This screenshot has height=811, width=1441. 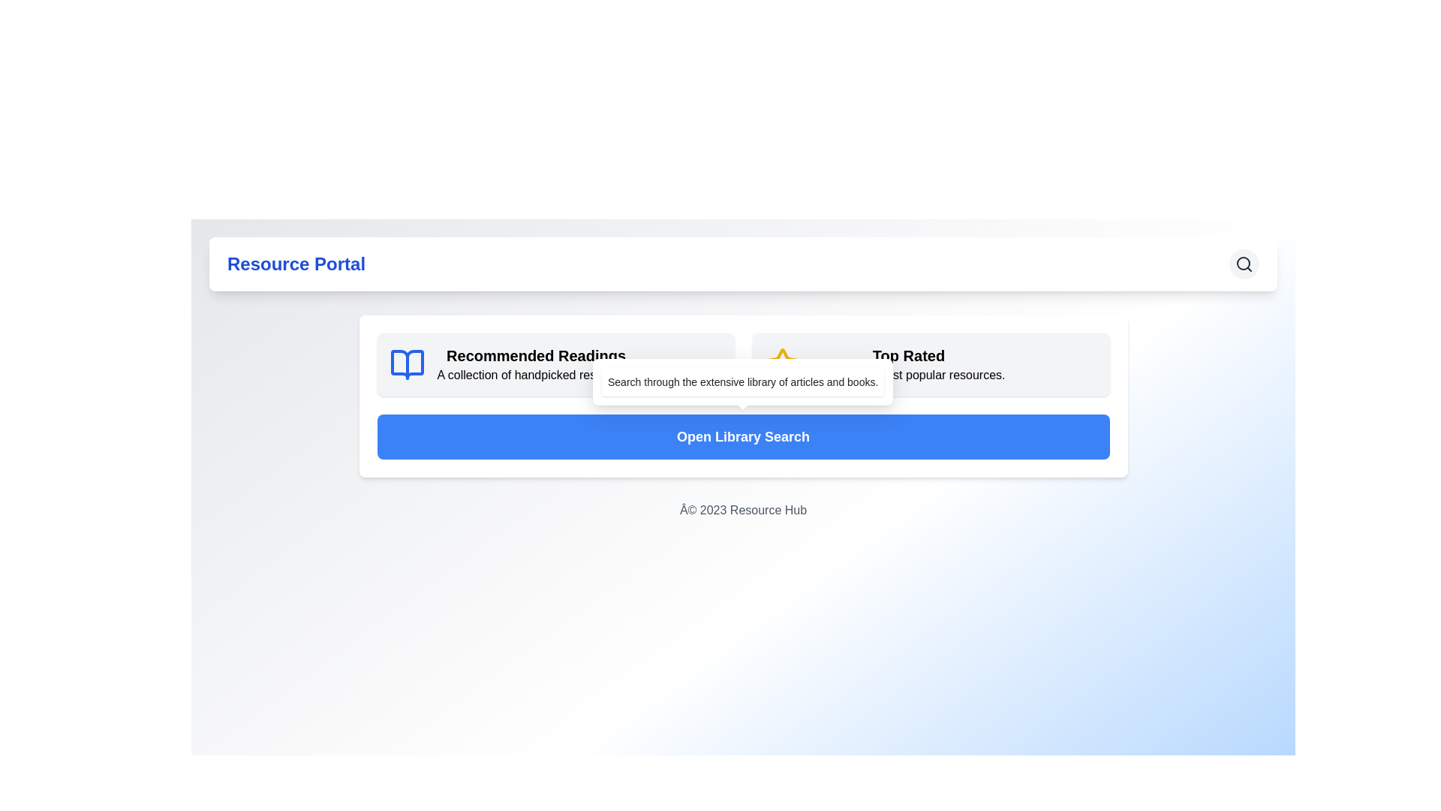 I want to click on the circular search button with a magnifying glass icon located at the top-right corner of the 'Resource Portal' bar, so click(x=1244, y=263).